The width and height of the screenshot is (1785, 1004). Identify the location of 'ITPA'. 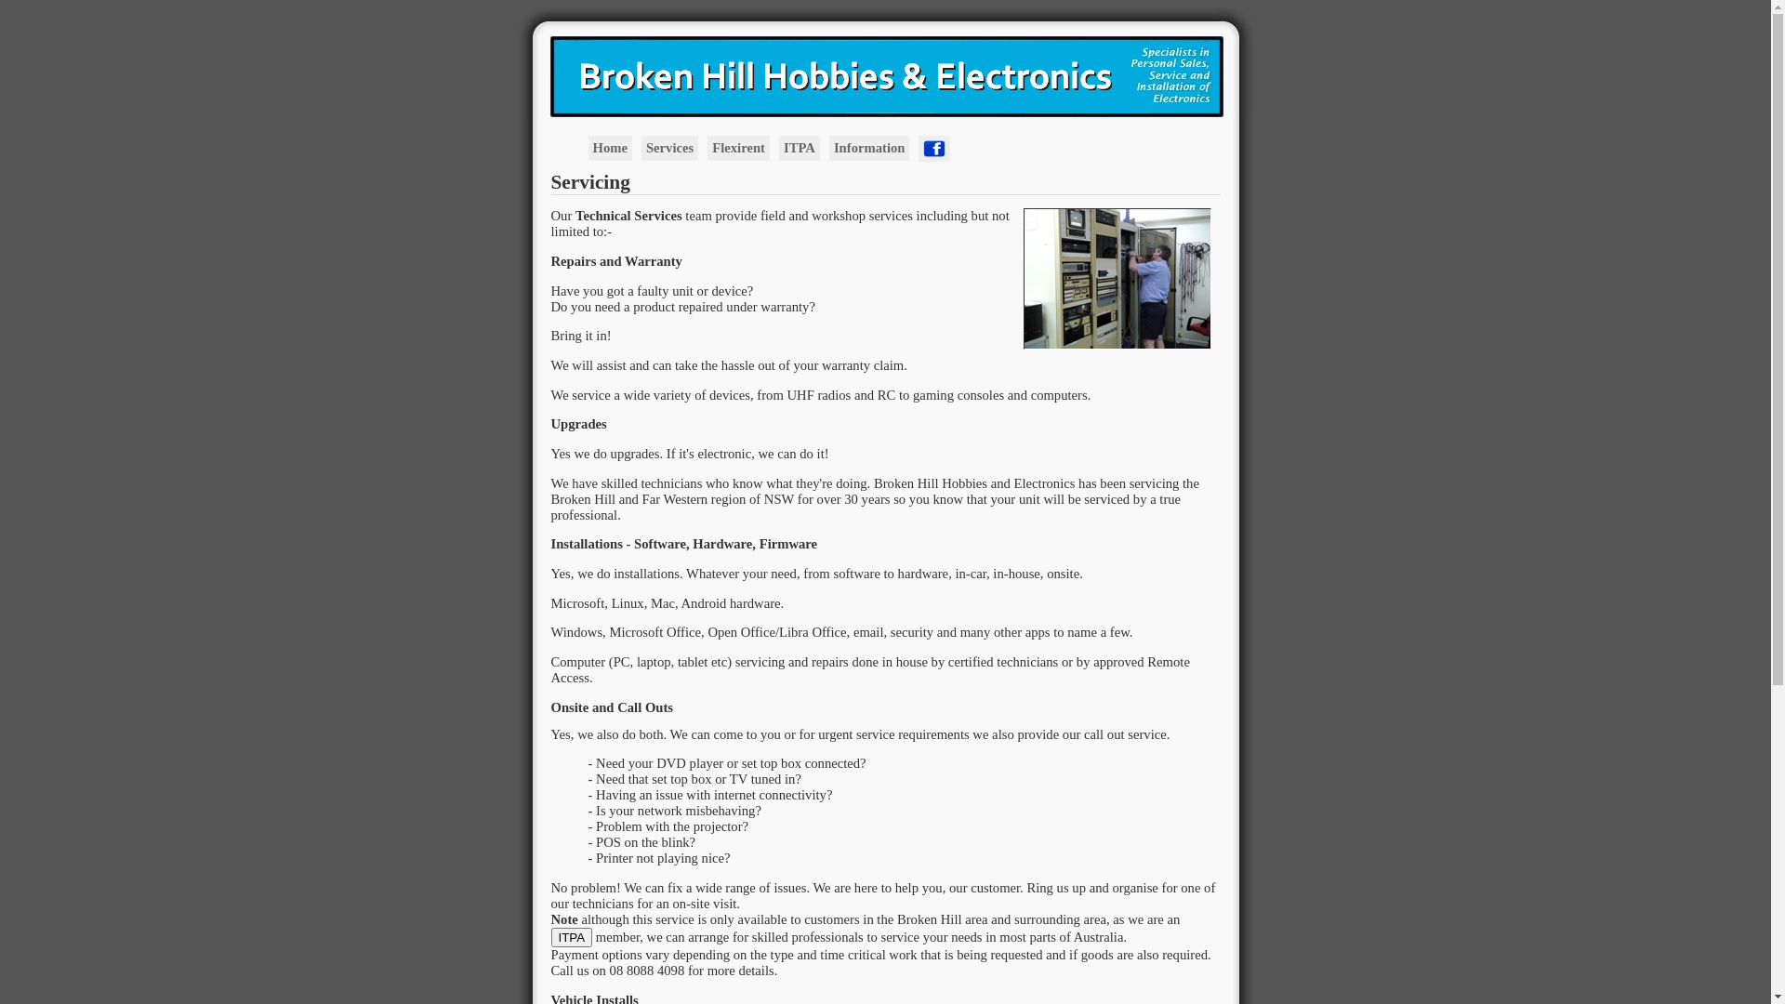
(549, 937).